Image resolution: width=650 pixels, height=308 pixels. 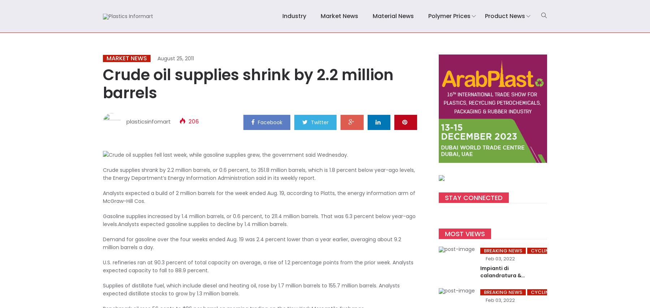 What do you see at coordinates (320, 122) in the screenshot?
I see `'twitter'` at bounding box center [320, 122].